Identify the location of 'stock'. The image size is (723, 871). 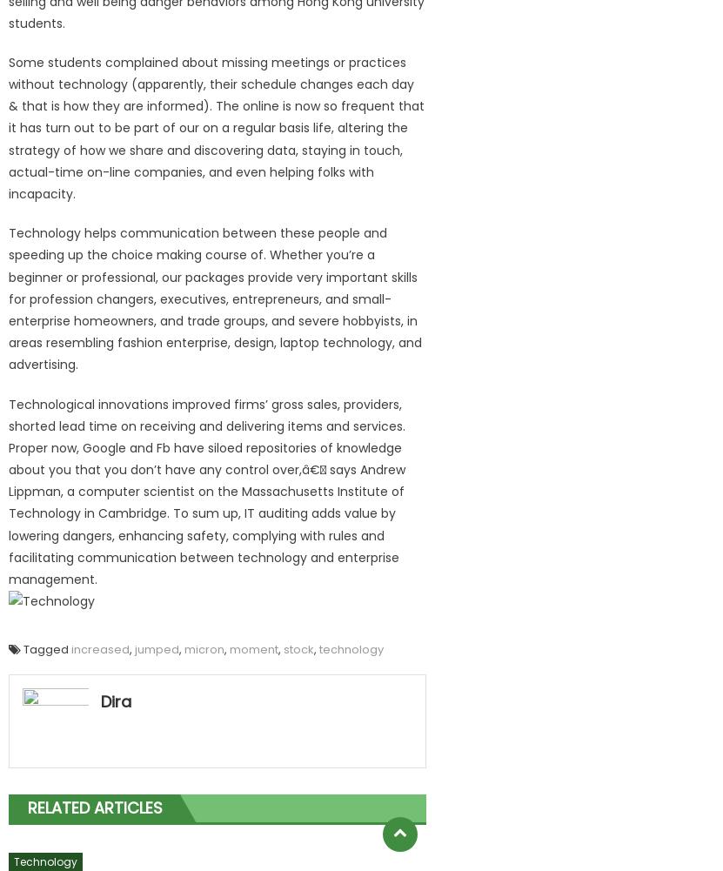
(298, 649).